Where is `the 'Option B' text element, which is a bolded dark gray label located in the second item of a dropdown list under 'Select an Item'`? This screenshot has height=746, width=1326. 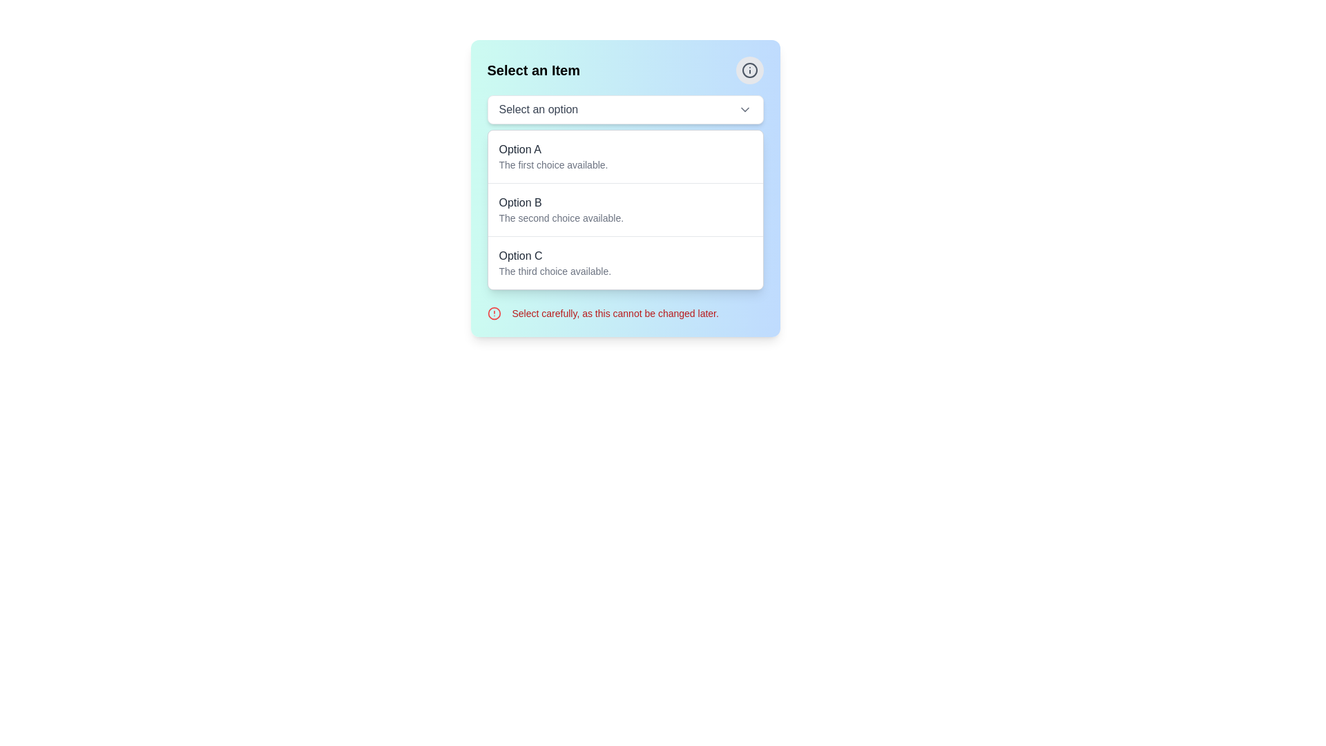 the 'Option B' text element, which is a bolded dark gray label located in the second item of a dropdown list under 'Select an Item' is located at coordinates (519, 202).